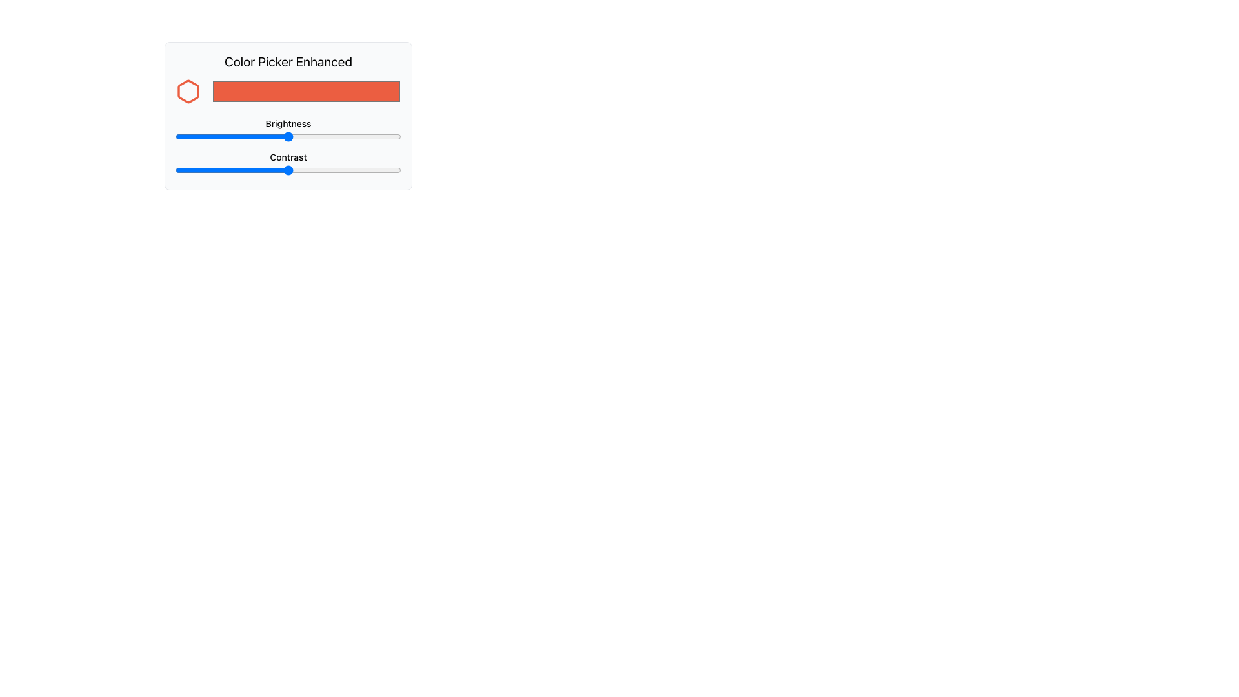 The image size is (1239, 697). I want to click on the contrast value, so click(218, 169).